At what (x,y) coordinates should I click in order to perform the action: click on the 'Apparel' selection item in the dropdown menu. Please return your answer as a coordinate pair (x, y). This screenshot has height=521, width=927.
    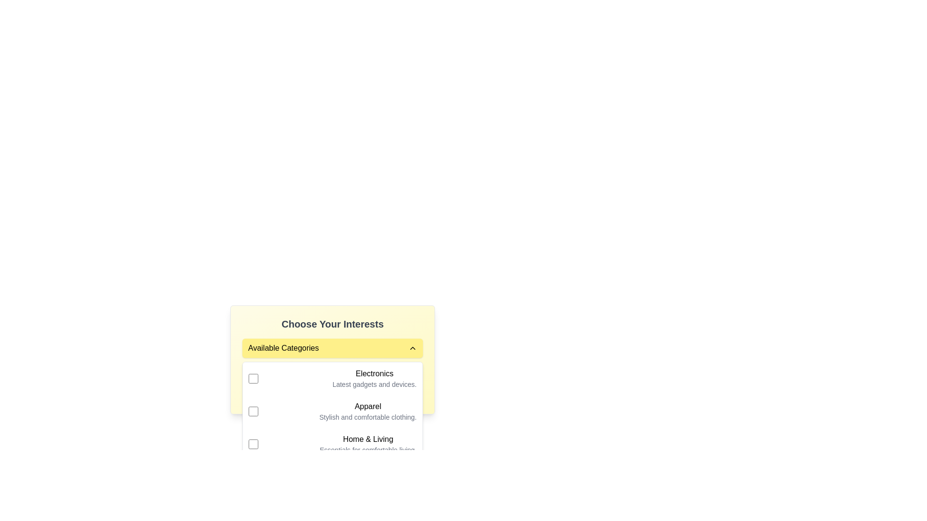
    Looking at the image, I should click on (333, 411).